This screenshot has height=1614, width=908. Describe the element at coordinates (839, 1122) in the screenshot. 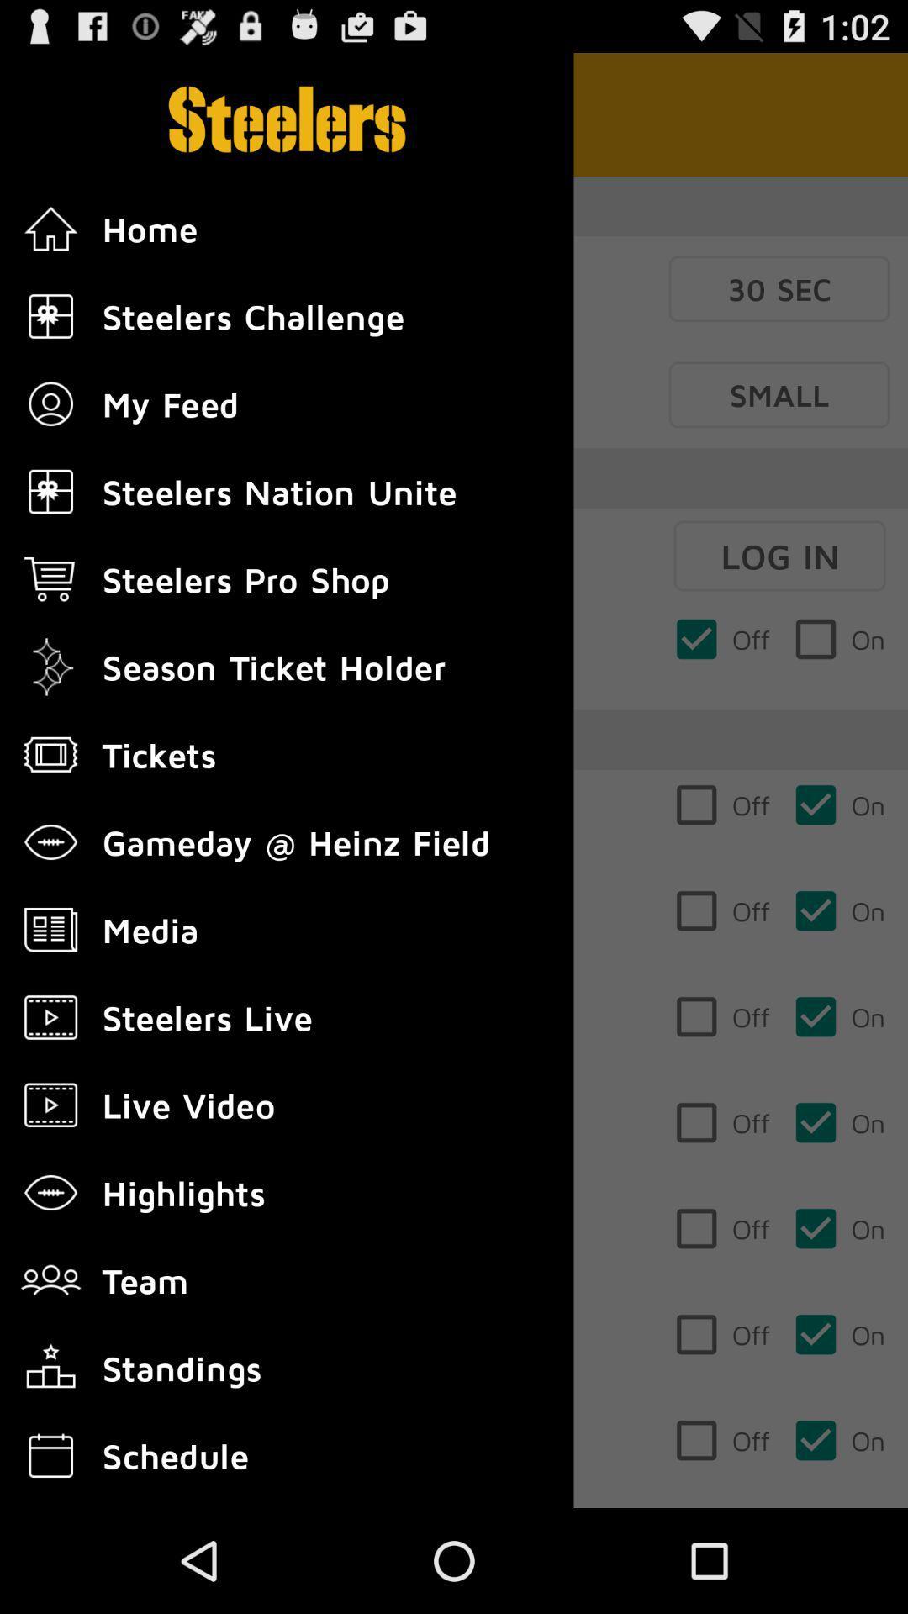

I see `fifth checkbox of on below log in` at that location.